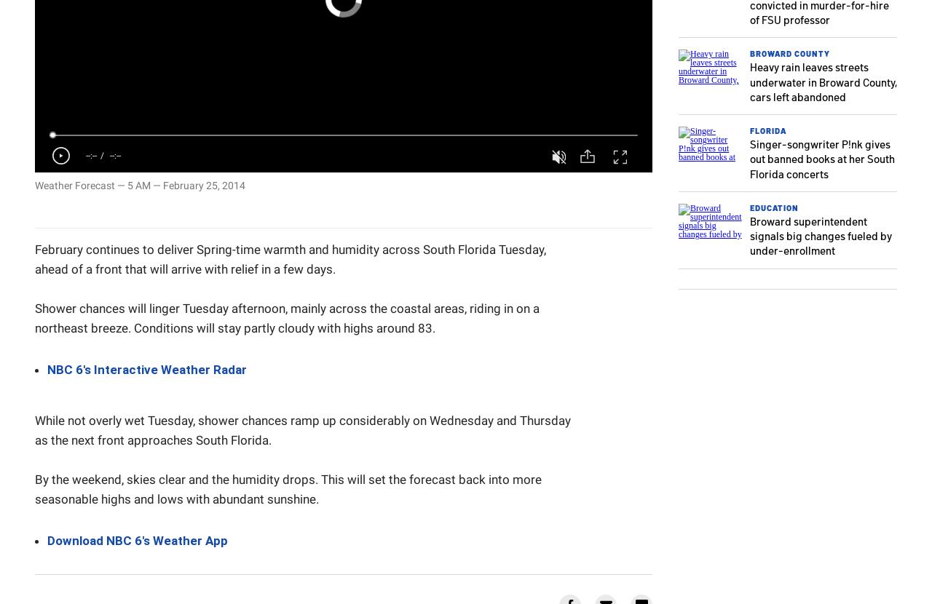 This screenshot has width=932, height=604. I want to click on 'Download NBC 6's Weather App', so click(138, 539).